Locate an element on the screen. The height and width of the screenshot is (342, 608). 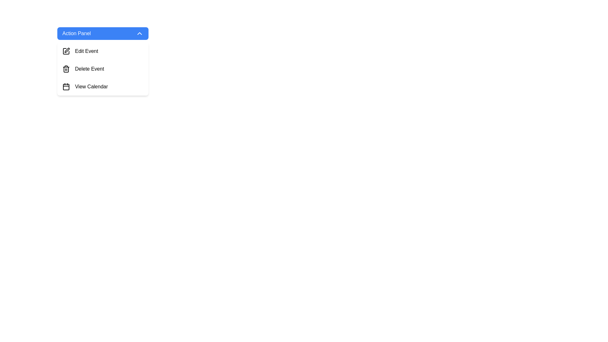
the options in the dropdown menu located below the 'Action Panel' button is located at coordinates (103, 69).